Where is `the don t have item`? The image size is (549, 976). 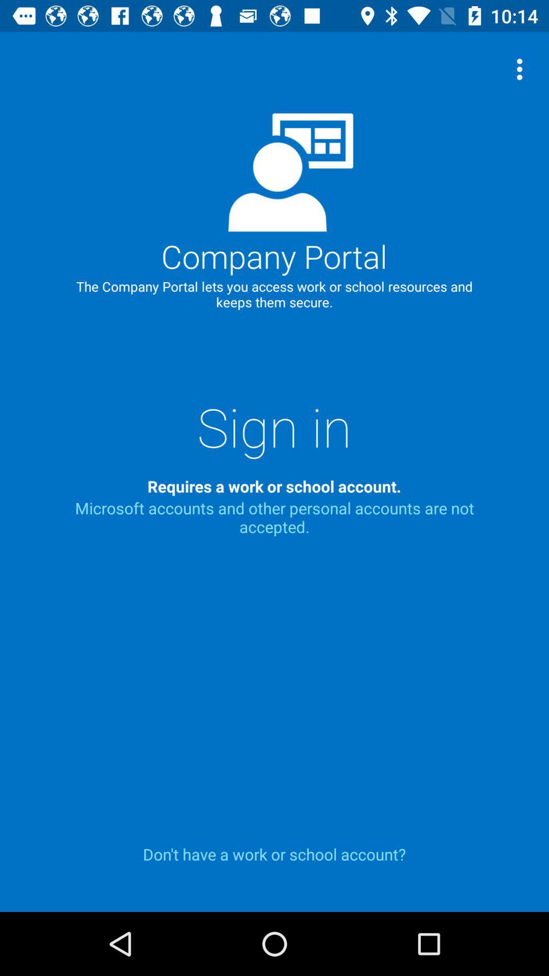 the don t have item is located at coordinates (274, 854).